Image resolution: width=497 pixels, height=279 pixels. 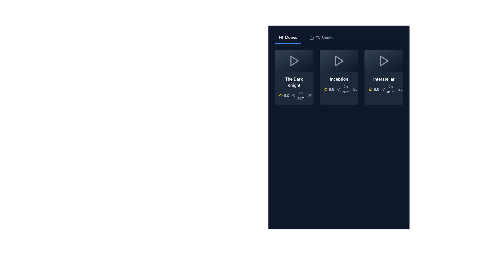 What do you see at coordinates (332, 89) in the screenshot?
I see `the text label displaying the rating for the movie 'Inception', which is located within the movie card and positioned to the right of the yellow star icon` at bounding box center [332, 89].